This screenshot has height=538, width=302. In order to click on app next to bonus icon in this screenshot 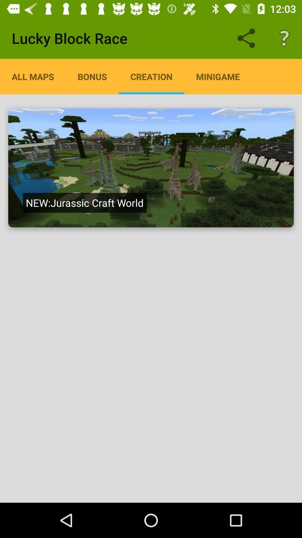, I will do `click(151, 76)`.